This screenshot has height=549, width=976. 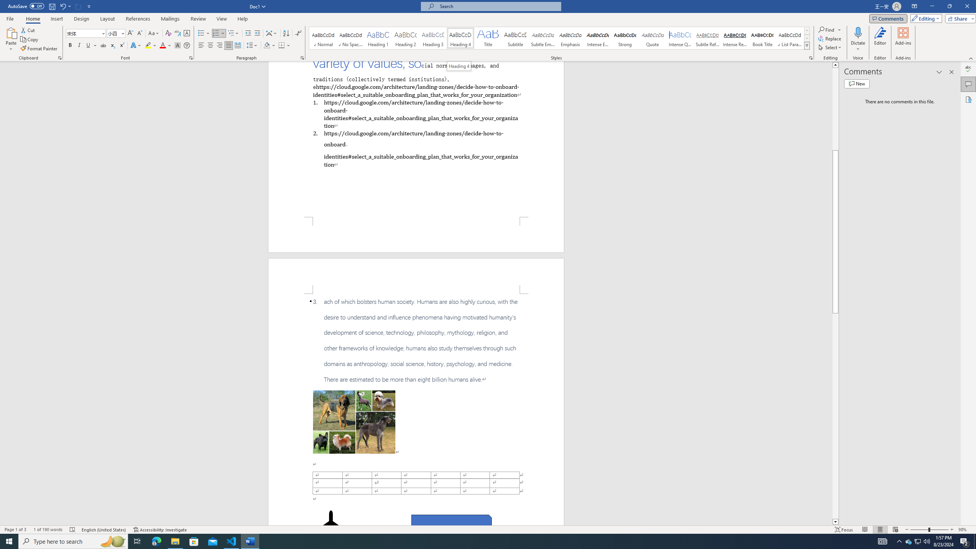 I want to click on 'Restore Down', so click(x=949, y=6).